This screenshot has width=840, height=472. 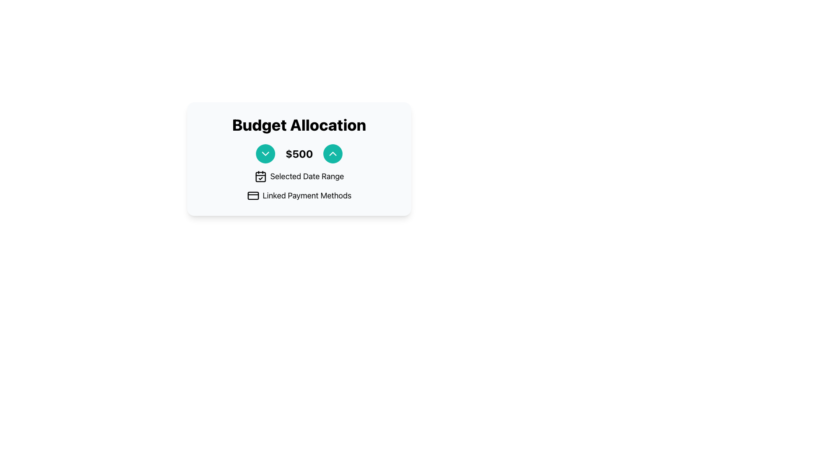 I want to click on the downward chevron button located to the left of the '$500' text, so click(x=265, y=153).